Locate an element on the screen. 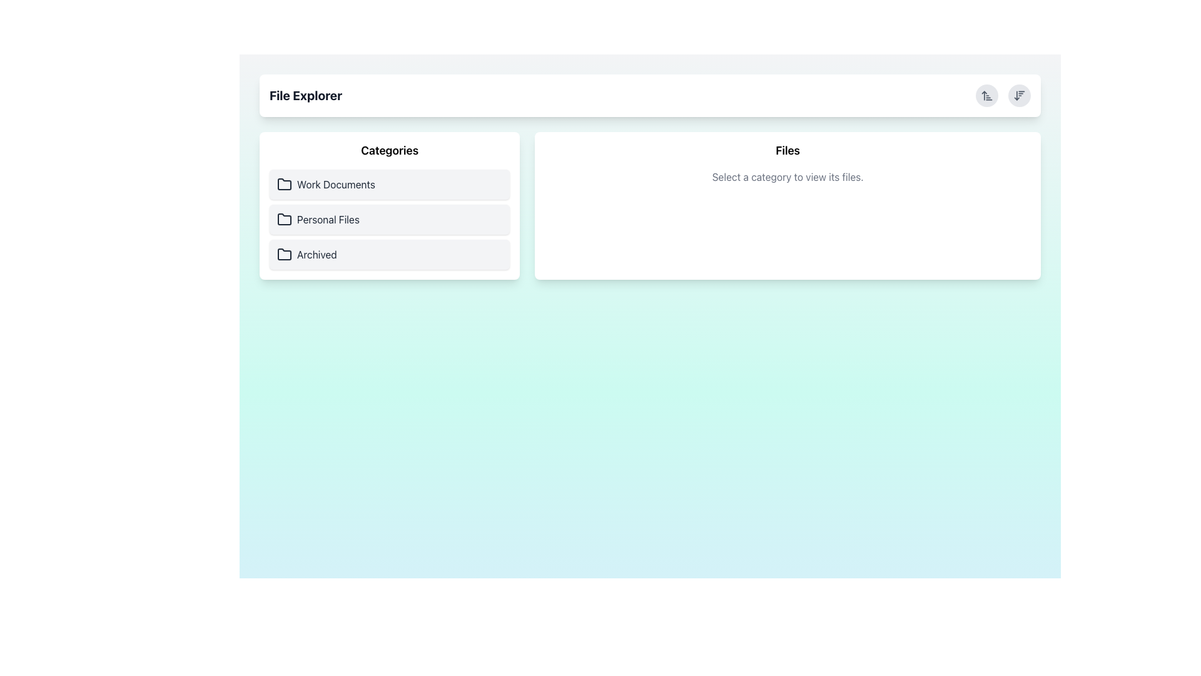 The width and height of the screenshot is (1201, 676). the 'Personal Files' menu option in the 'Categories' panel is located at coordinates (389, 205).